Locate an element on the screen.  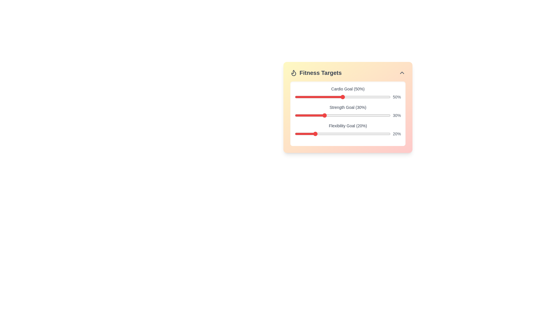
the cardio goal slider to 56% is located at coordinates (348, 96).